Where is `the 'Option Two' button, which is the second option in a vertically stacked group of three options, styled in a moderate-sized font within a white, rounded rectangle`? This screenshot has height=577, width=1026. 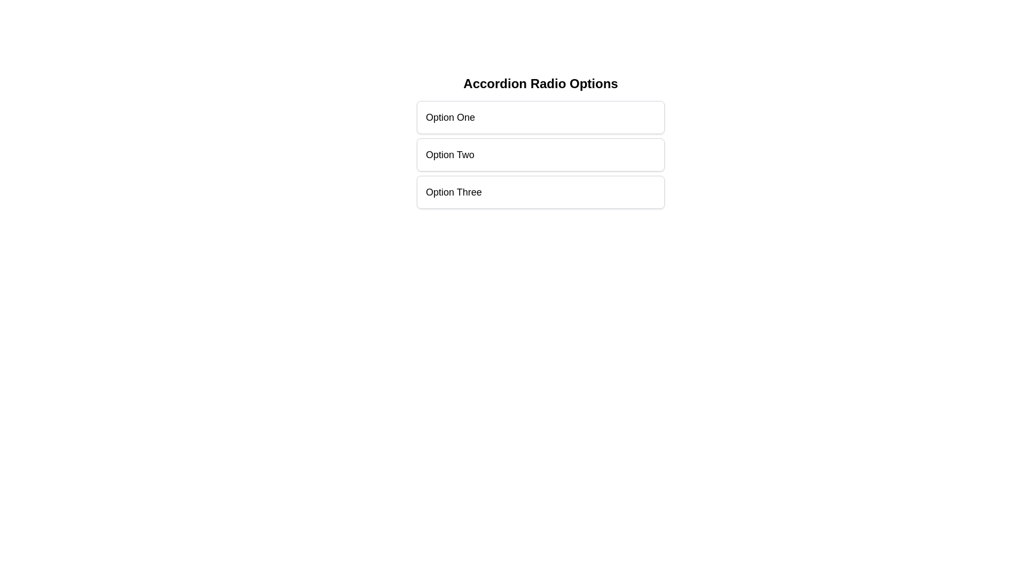 the 'Option Two' button, which is the second option in a vertically stacked group of three options, styled in a moderate-sized font within a white, rounded rectangle is located at coordinates (541, 154).